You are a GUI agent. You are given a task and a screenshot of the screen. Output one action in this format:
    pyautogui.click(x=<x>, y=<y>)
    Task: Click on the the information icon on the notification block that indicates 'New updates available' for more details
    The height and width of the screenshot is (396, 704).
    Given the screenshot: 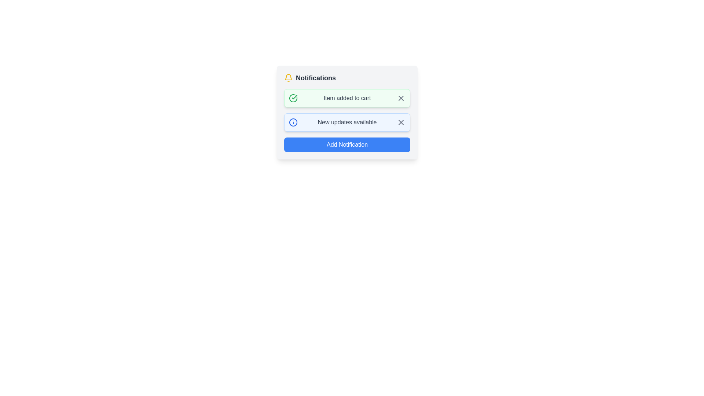 What is the action you would take?
    pyautogui.click(x=346, y=122)
    